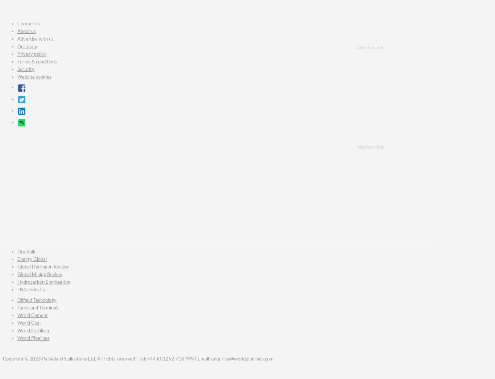 The image size is (495, 379). What do you see at coordinates (26, 68) in the screenshot?
I see `'Security'` at bounding box center [26, 68].